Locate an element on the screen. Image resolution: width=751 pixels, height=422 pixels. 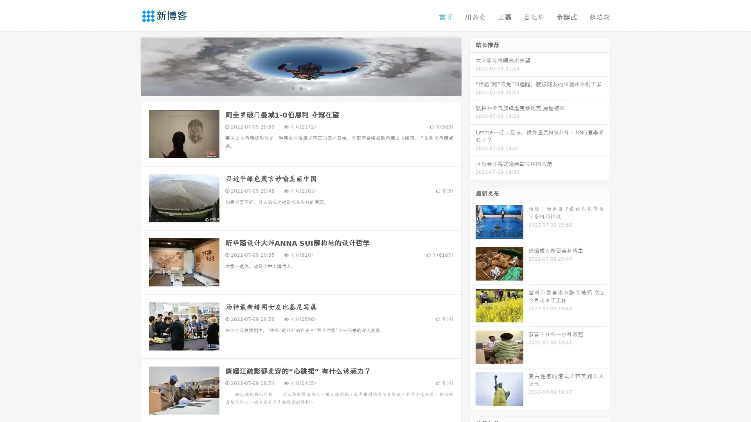
Next slide is located at coordinates (473, 66).